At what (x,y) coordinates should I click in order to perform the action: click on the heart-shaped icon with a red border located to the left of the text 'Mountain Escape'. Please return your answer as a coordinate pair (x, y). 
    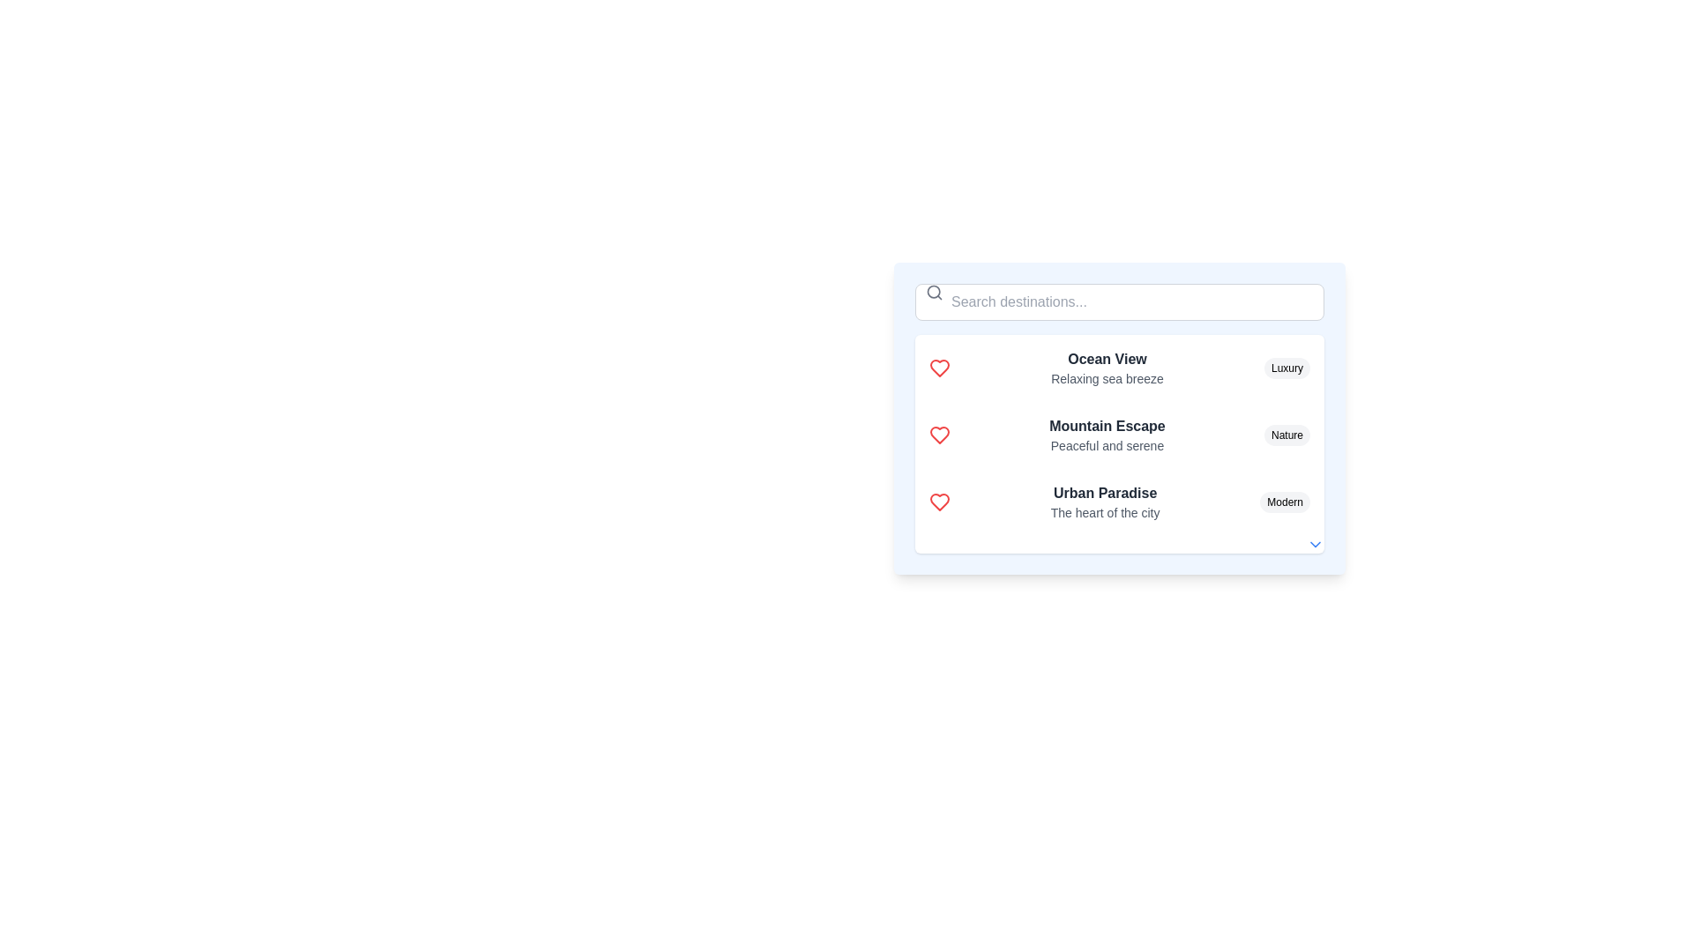
    Looking at the image, I should click on (938, 435).